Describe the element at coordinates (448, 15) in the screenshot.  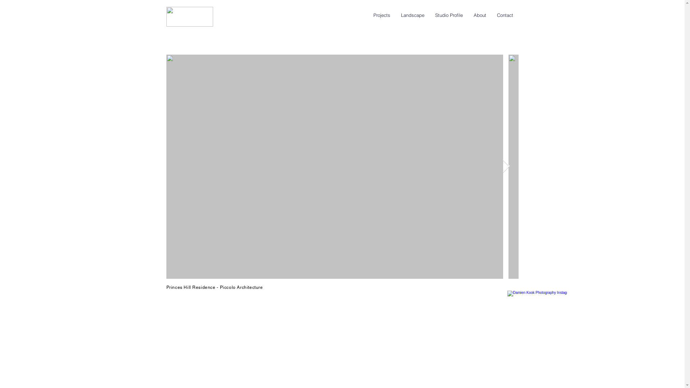
I see `'Studio Profile'` at that location.